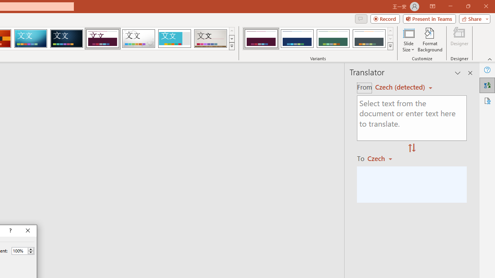 Image resolution: width=495 pixels, height=278 pixels. I want to click on 'Designer', so click(459, 40).